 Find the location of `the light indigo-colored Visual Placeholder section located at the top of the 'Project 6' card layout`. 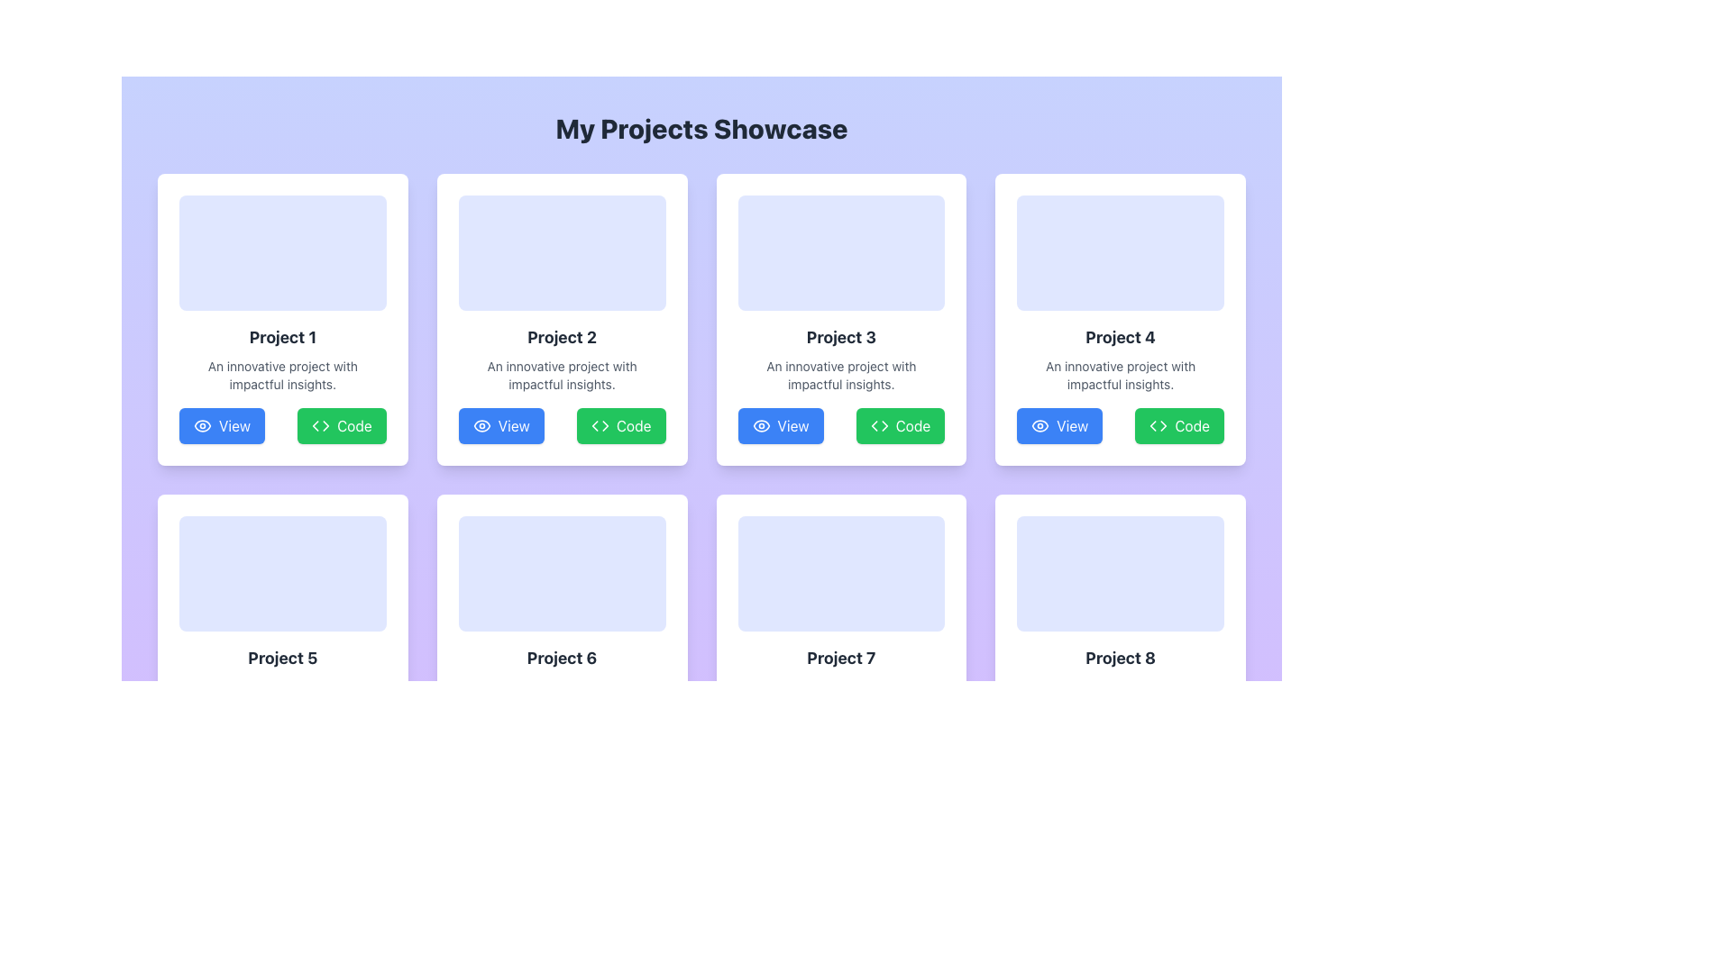

the light indigo-colored Visual Placeholder section located at the top of the 'Project 6' card layout is located at coordinates (561, 573).